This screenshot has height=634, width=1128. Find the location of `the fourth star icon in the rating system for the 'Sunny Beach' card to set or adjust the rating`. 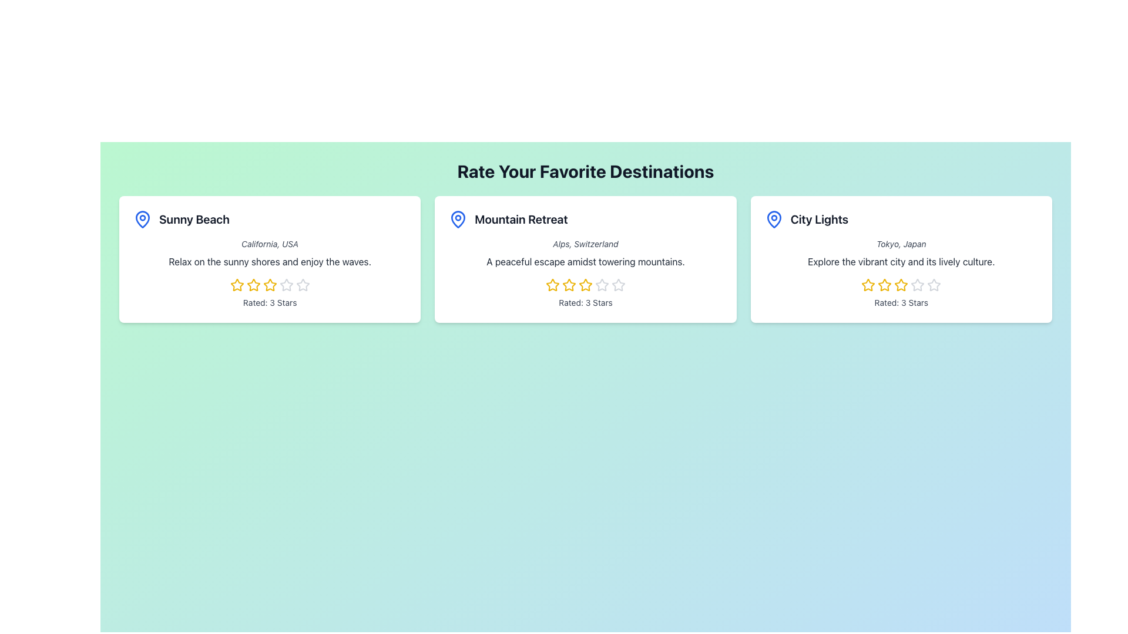

the fourth star icon in the rating system for the 'Sunny Beach' card to set or adjust the rating is located at coordinates (269, 285).